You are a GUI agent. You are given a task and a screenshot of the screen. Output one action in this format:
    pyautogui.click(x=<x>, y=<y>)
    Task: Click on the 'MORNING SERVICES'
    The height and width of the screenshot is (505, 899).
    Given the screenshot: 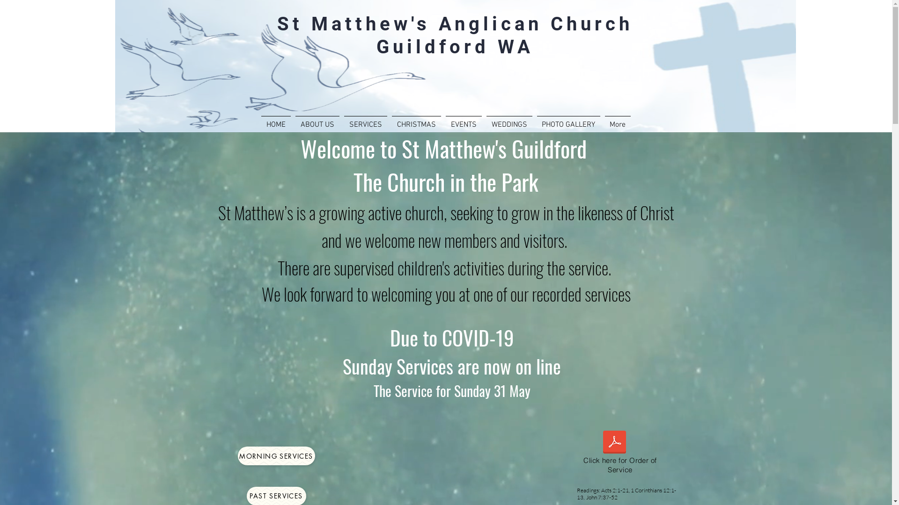 What is the action you would take?
    pyautogui.click(x=238, y=455)
    